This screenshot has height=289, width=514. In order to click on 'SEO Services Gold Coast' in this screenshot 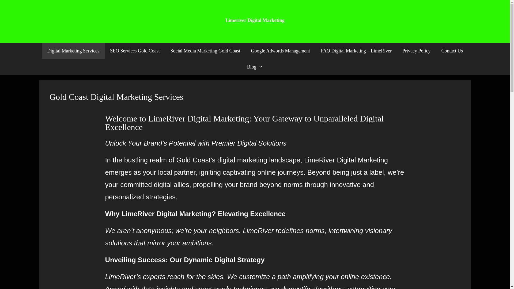, I will do `click(135, 51)`.